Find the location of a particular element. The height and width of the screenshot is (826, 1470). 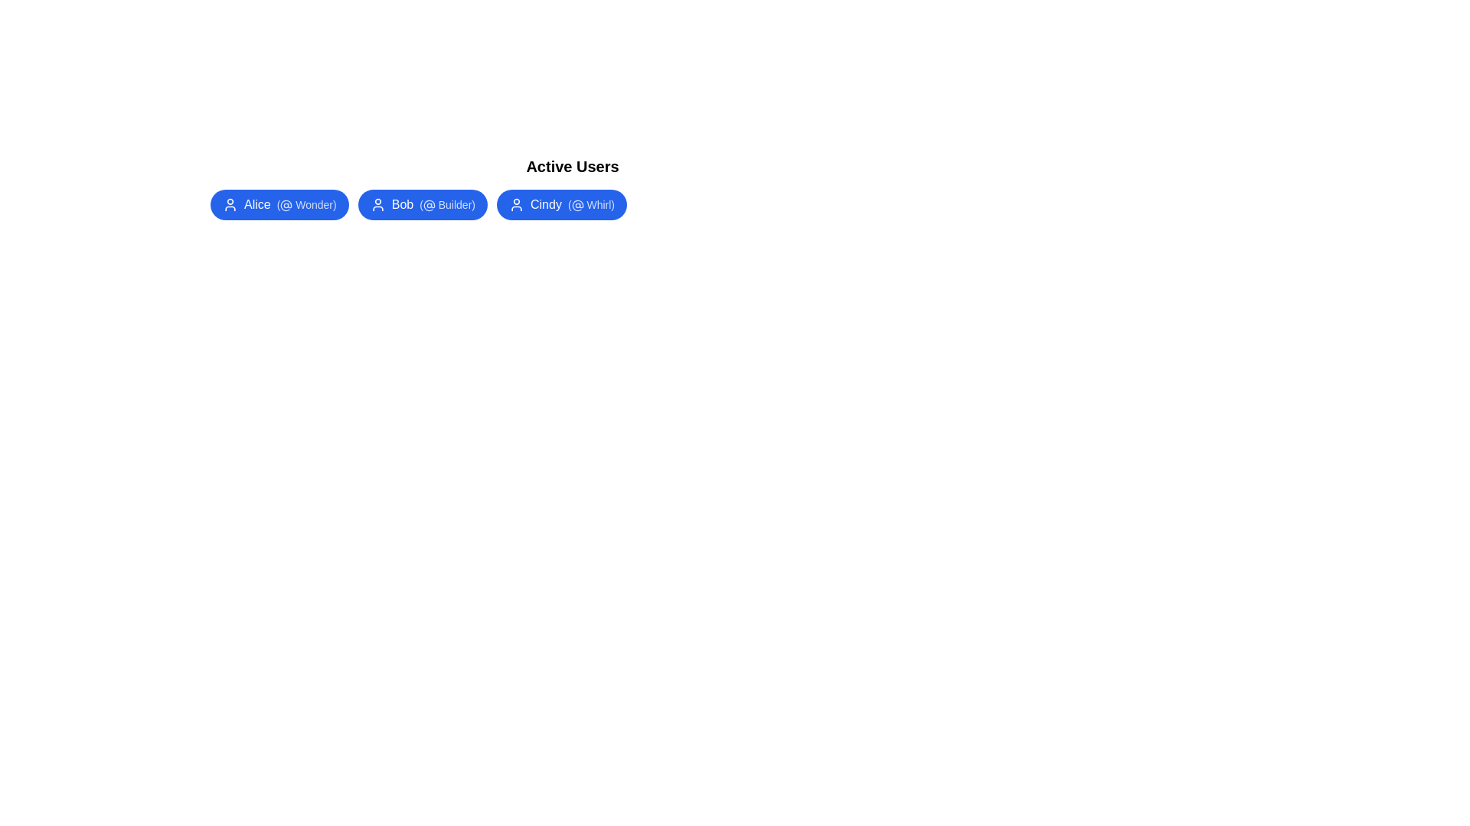

the user chip for Alice is located at coordinates (279, 203).